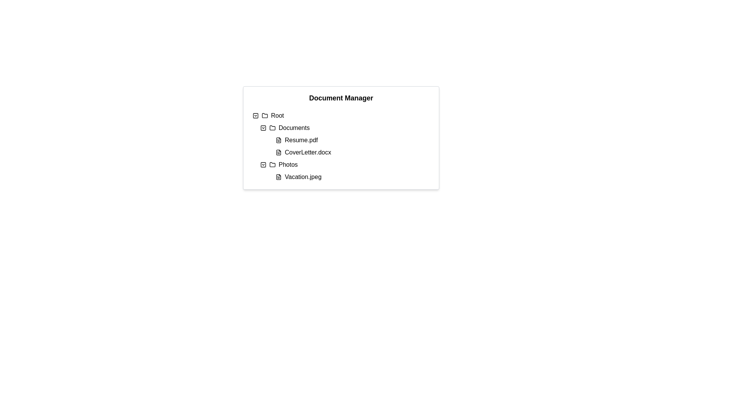  What do you see at coordinates (278, 177) in the screenshot?
I see `the file icon for 'Vacation.jpeg' located in the 'Document Manager' under the 'Photos' folder` at bounding box center [278, 177].